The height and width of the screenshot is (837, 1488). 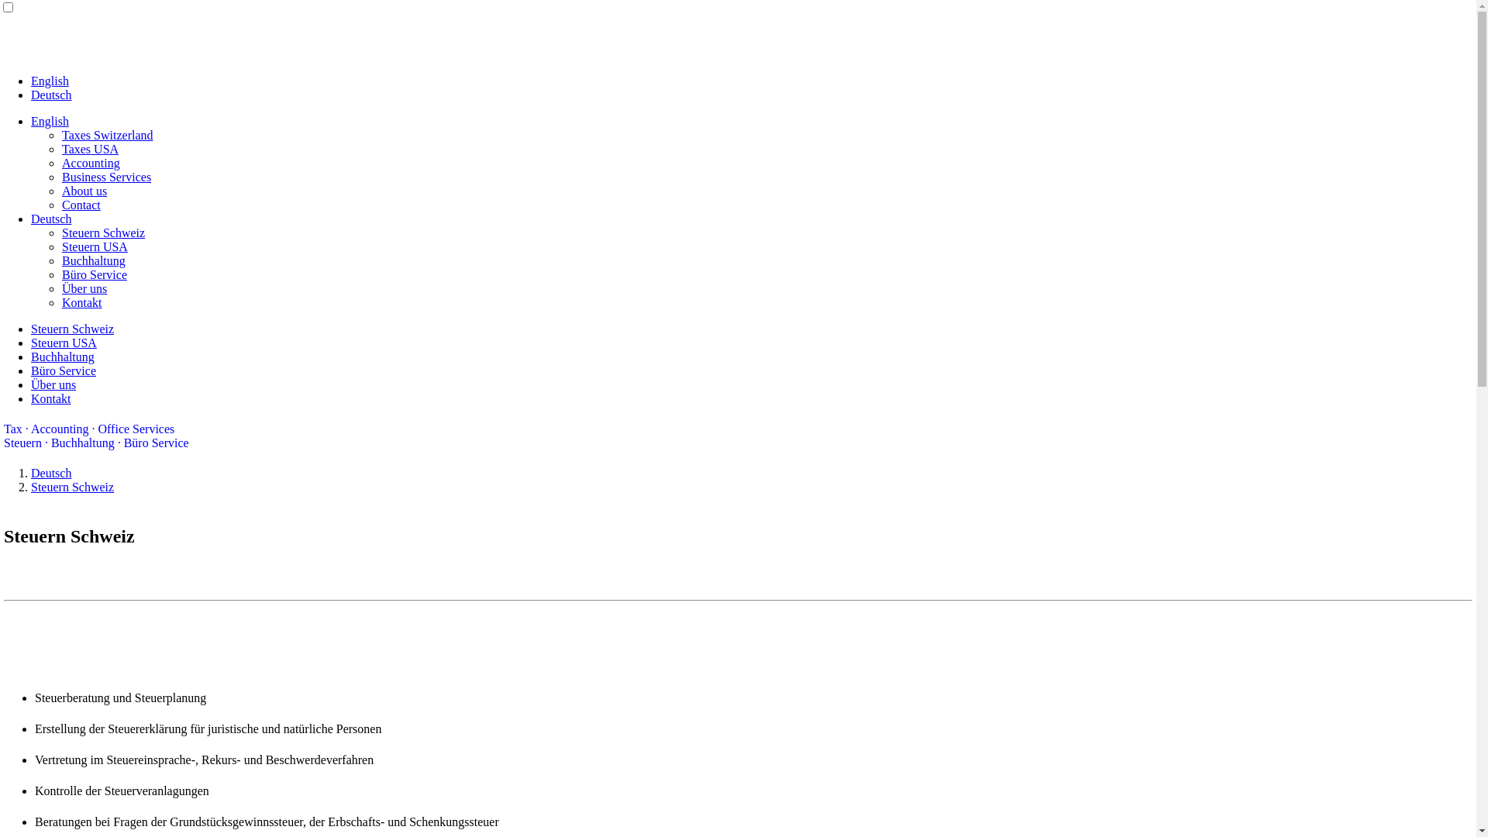 I want to click on 'Buchhaltung', so click(x=30, y=356).